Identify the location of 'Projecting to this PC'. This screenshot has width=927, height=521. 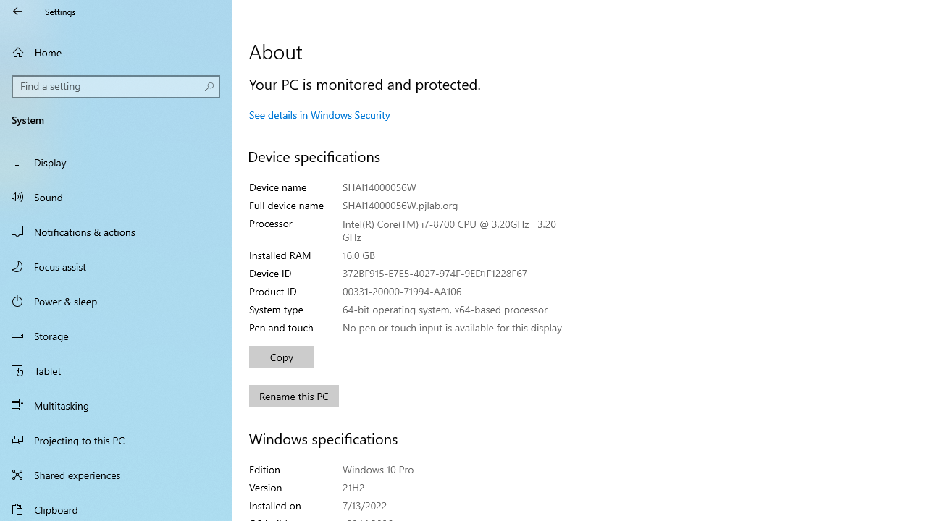
(116, 439).